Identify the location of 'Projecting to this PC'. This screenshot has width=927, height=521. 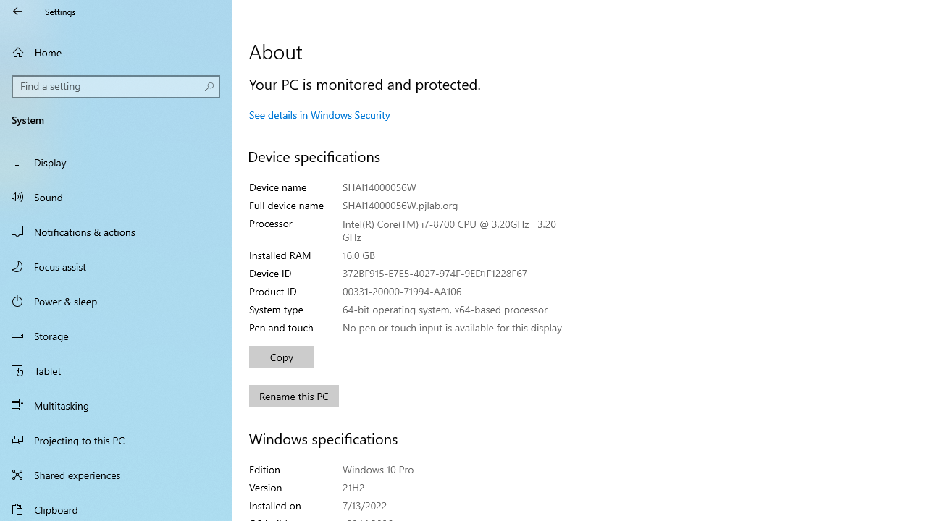
(116, 439).